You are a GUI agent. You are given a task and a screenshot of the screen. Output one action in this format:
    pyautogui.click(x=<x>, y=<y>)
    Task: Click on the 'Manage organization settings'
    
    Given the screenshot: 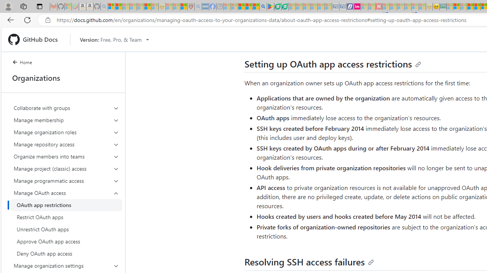 What is the action you would take?
    pyautogui.click(x=66, y=265)
    